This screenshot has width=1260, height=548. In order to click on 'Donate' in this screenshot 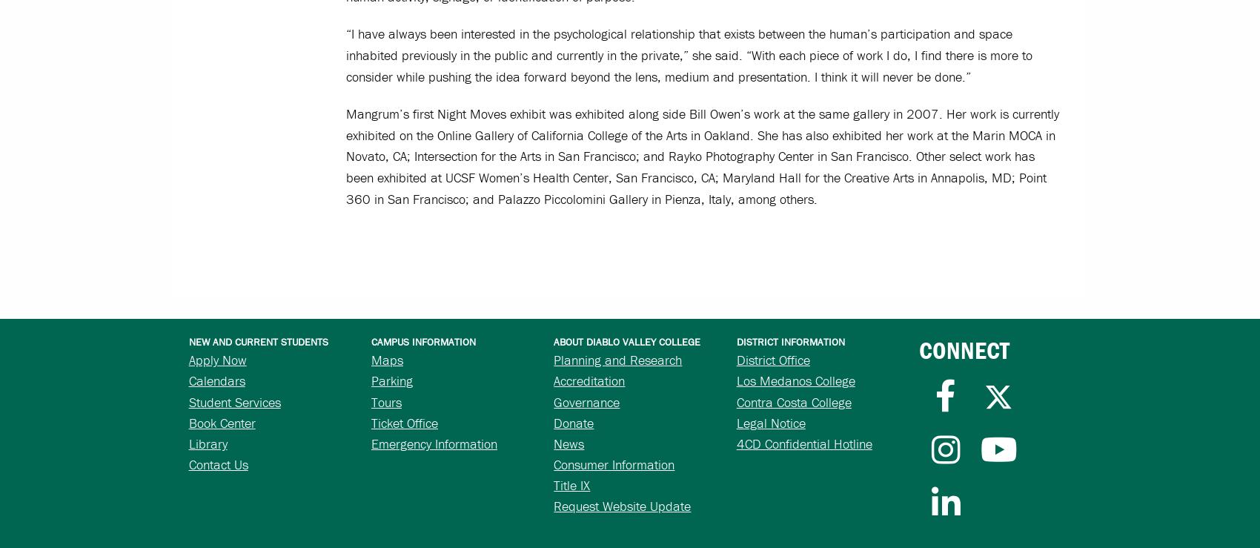, I will do `click(573, 421)`.